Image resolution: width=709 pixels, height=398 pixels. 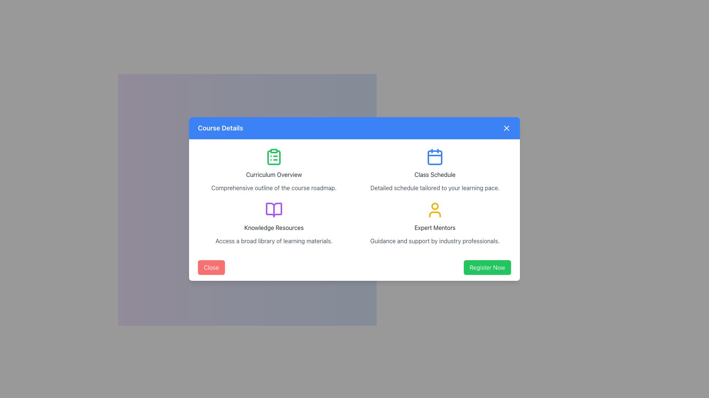 I want to click on the text label displaying 'Detailed schedule tailored to your learning pace.' located in the modal 'Course Details' below the header 'Class Schedule', so click(x=435, y=187).